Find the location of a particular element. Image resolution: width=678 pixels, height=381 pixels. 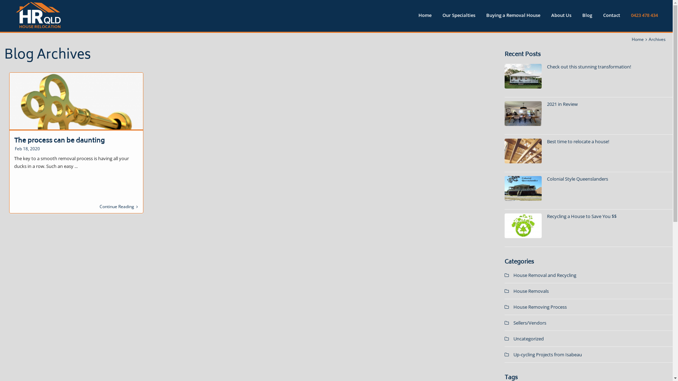

'0423 478 434' is located at coordinates (644, 17).